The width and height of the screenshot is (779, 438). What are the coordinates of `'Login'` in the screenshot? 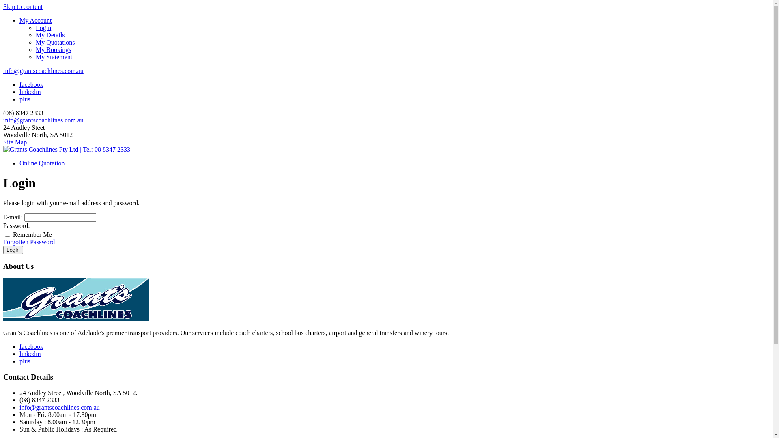 It's located at (13, 249).